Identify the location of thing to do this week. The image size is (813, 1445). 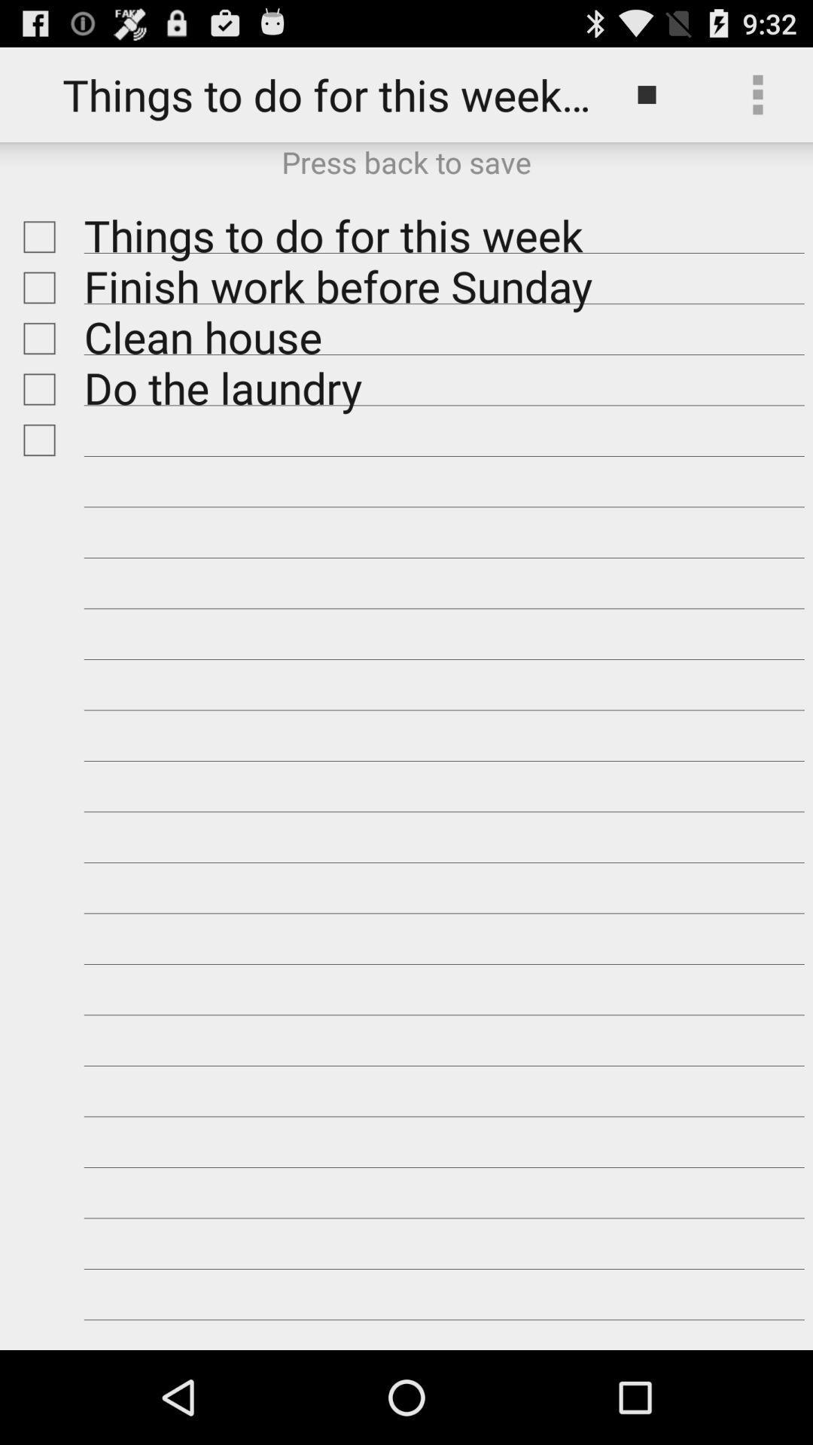
(35, 440).